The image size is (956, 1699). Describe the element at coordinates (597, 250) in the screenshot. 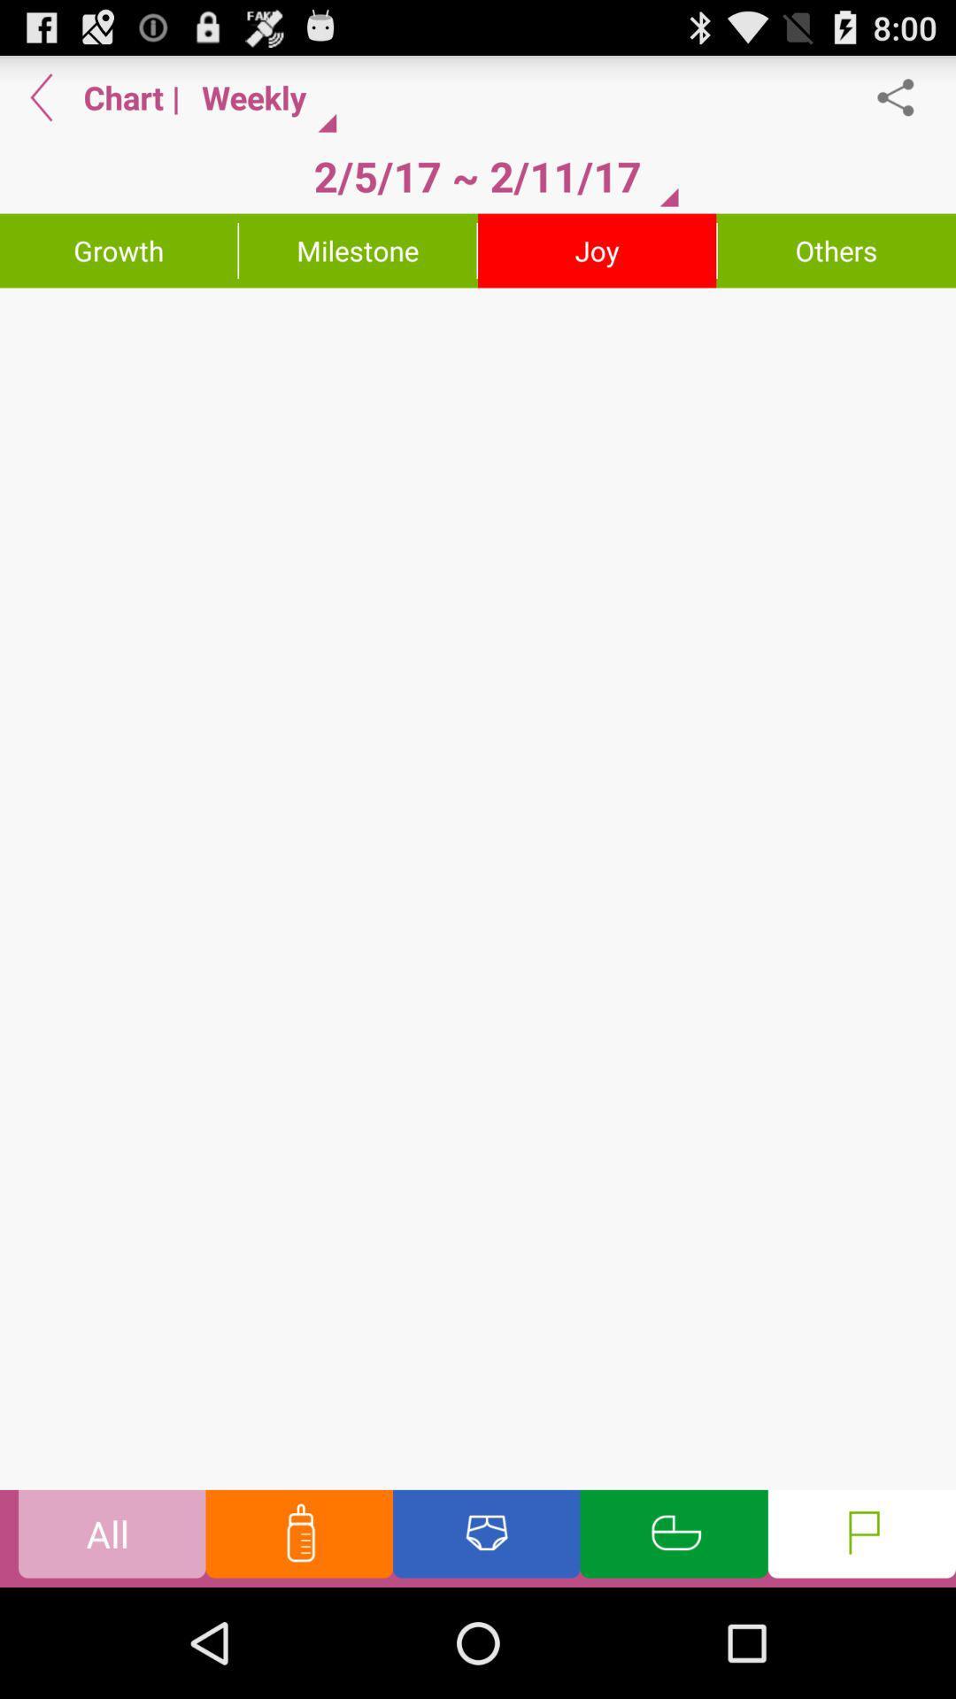

I see `the joy` at that location.